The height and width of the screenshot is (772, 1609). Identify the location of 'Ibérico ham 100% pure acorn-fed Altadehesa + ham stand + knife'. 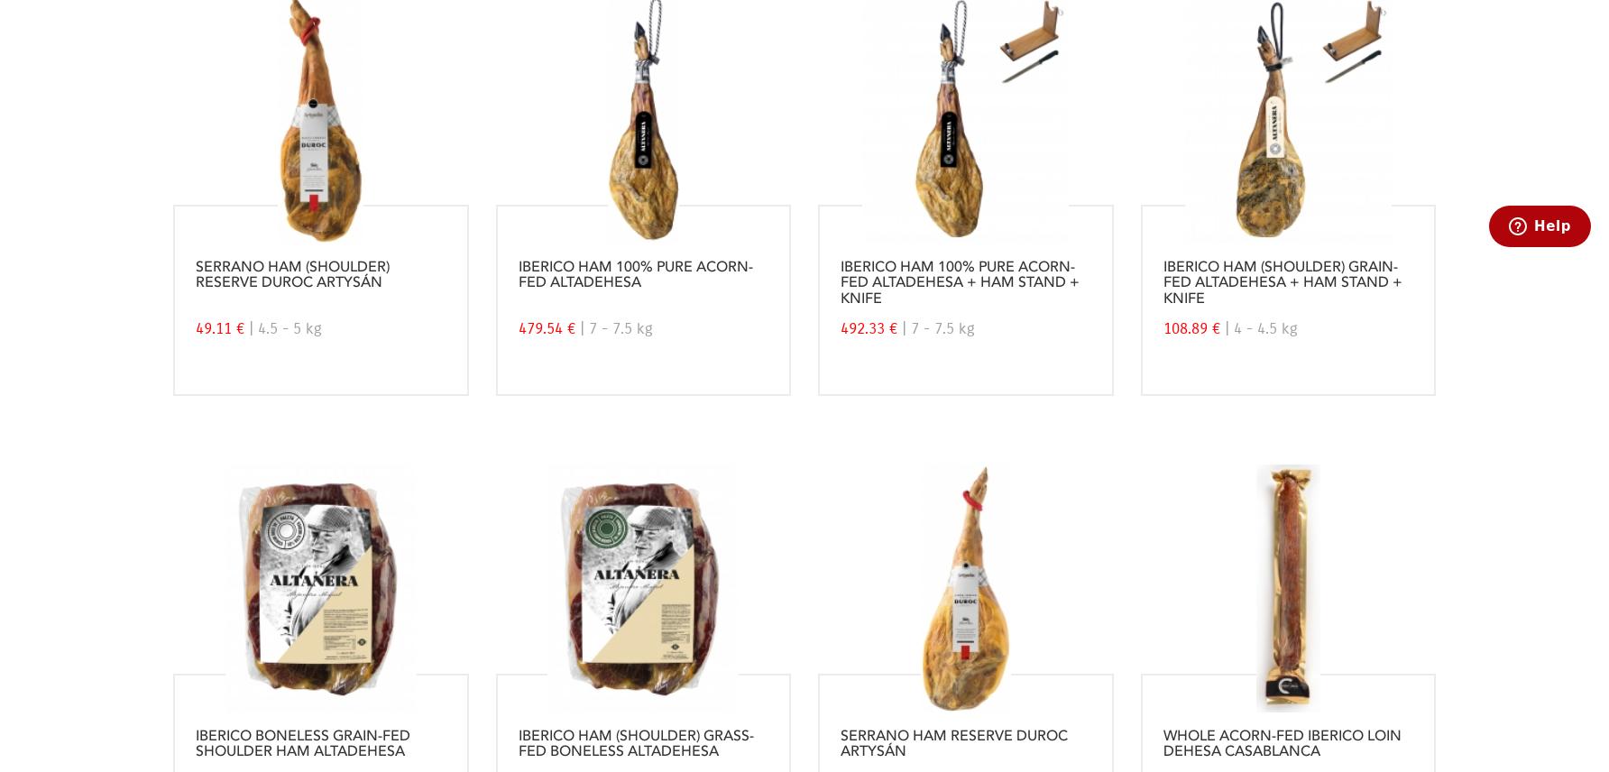
(959, 282).